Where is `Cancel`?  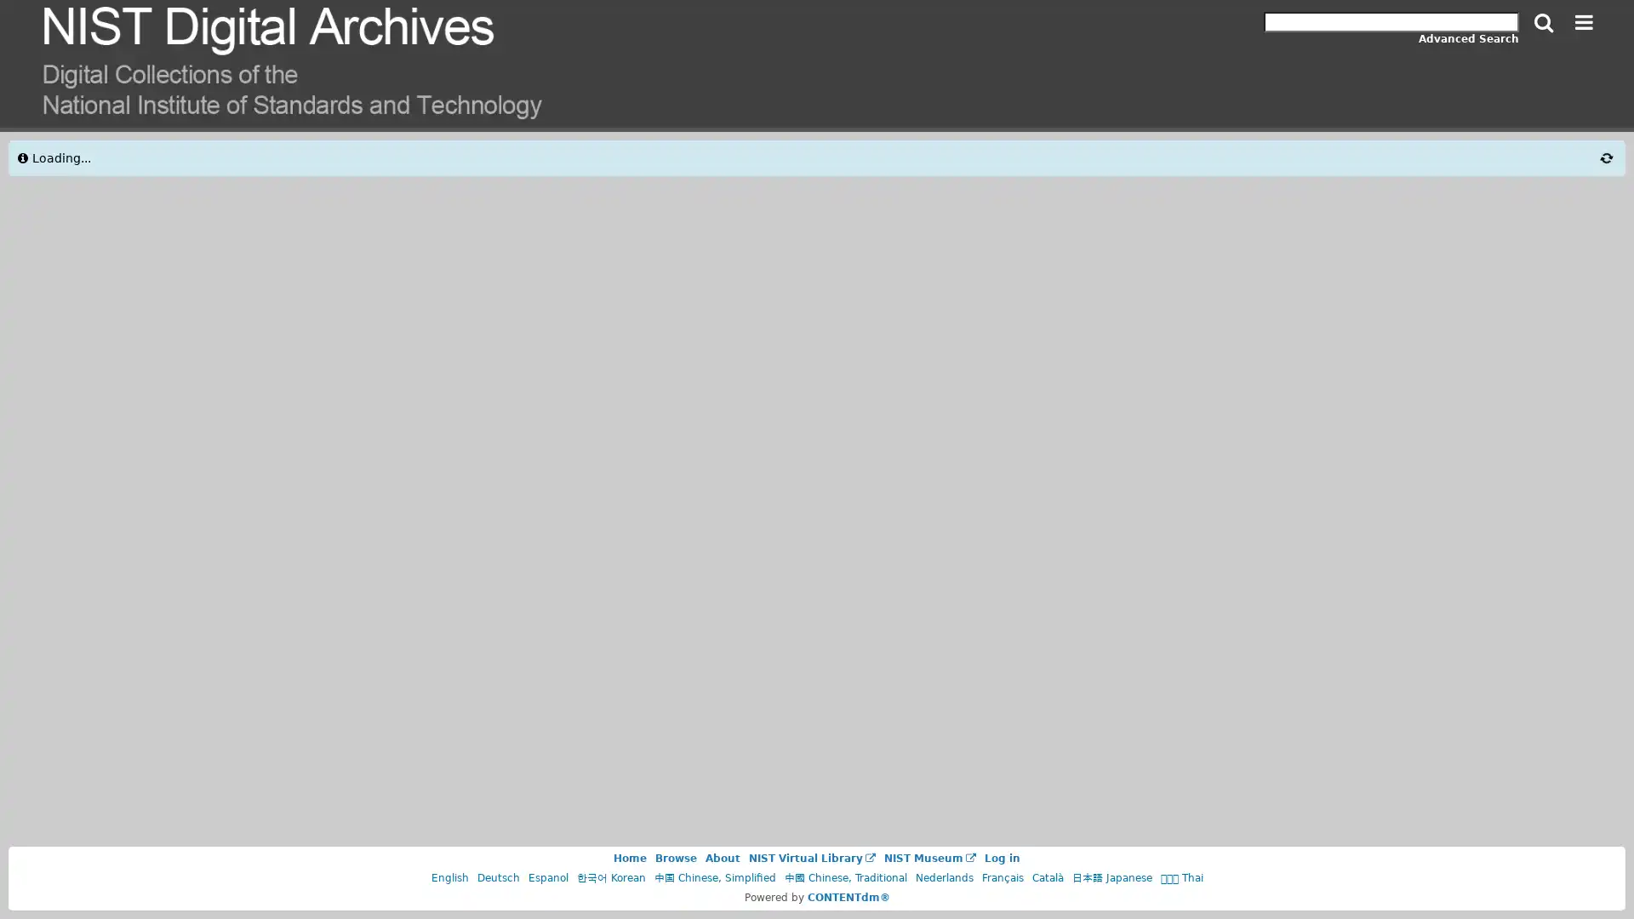
Cancel is located at coordinates (110, 386).